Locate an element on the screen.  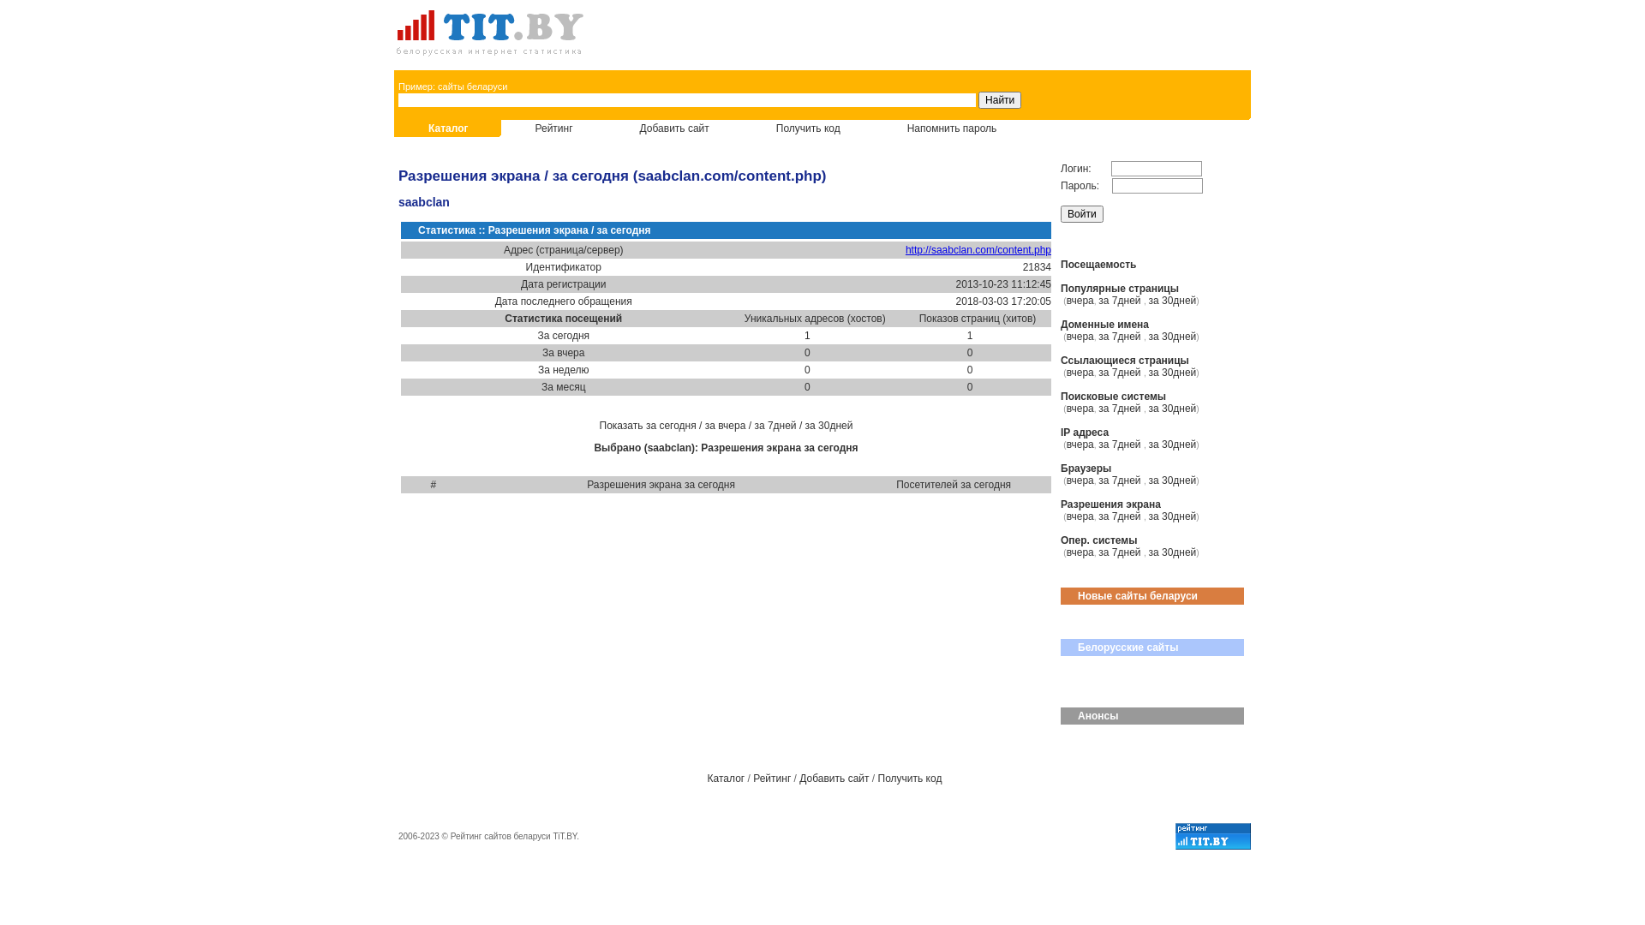
'http://saabclan.com/content.php' is located at coordinates (904, 250).